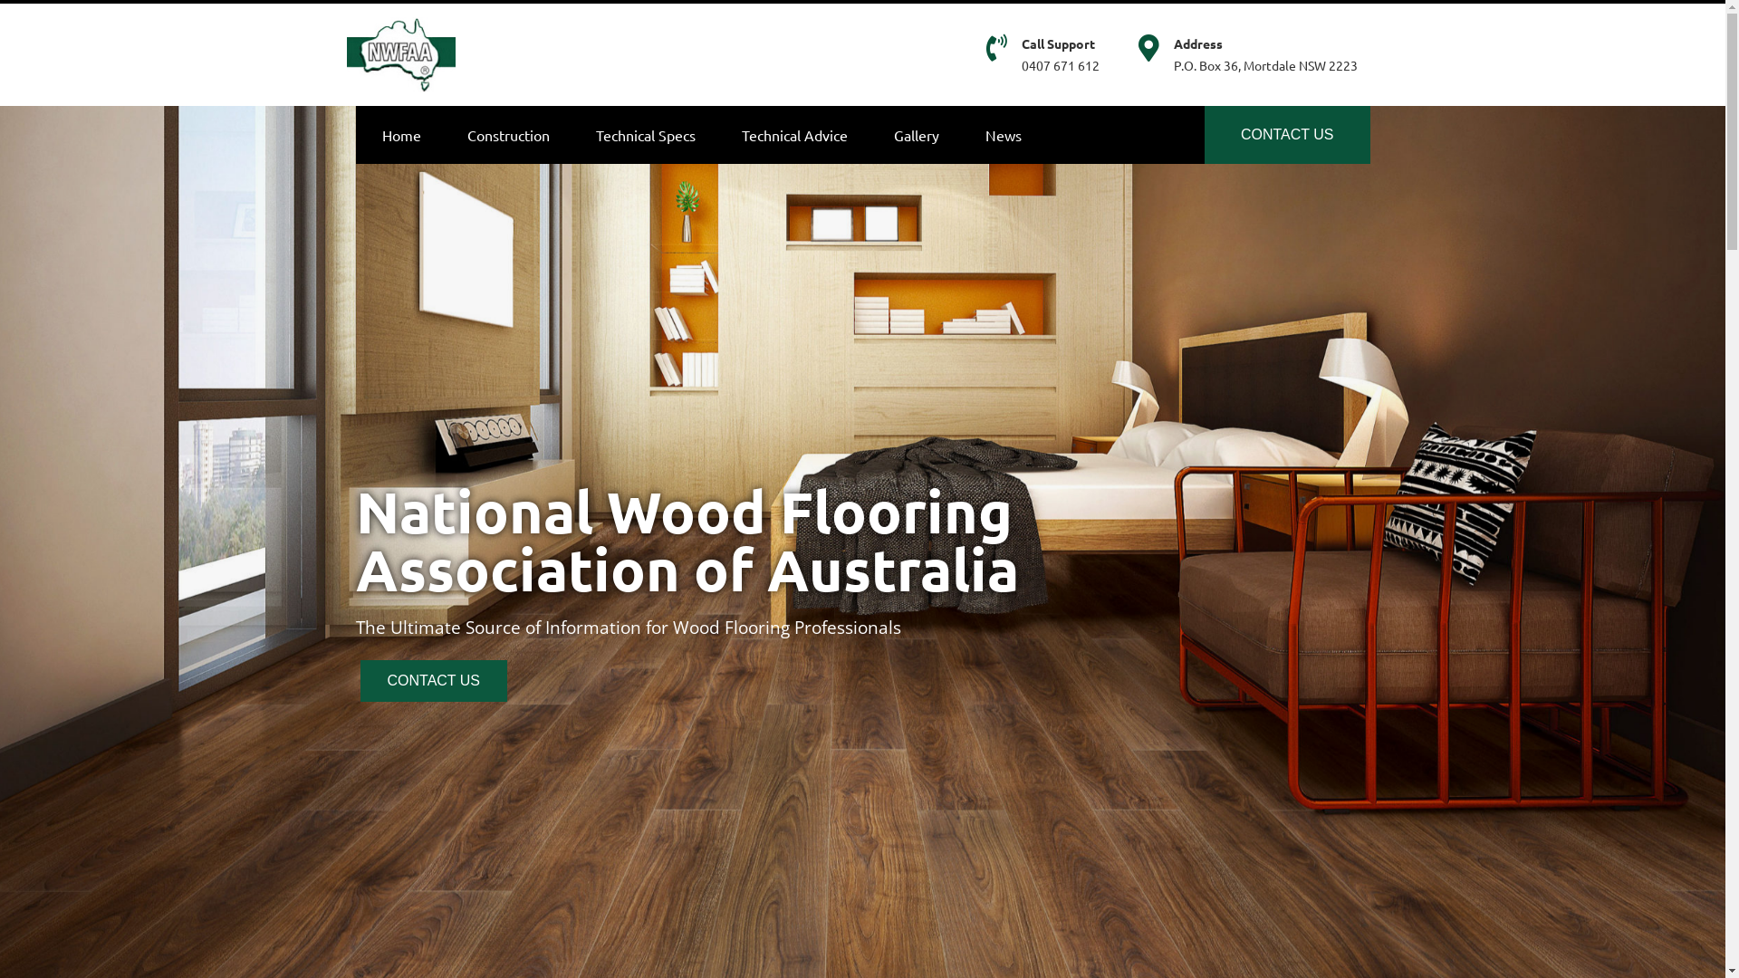 This screenshot has height=978, width=1739. Describe the element at coordinates (644, 132) in the screenshot. I see `'Technical Specs'` at that location.